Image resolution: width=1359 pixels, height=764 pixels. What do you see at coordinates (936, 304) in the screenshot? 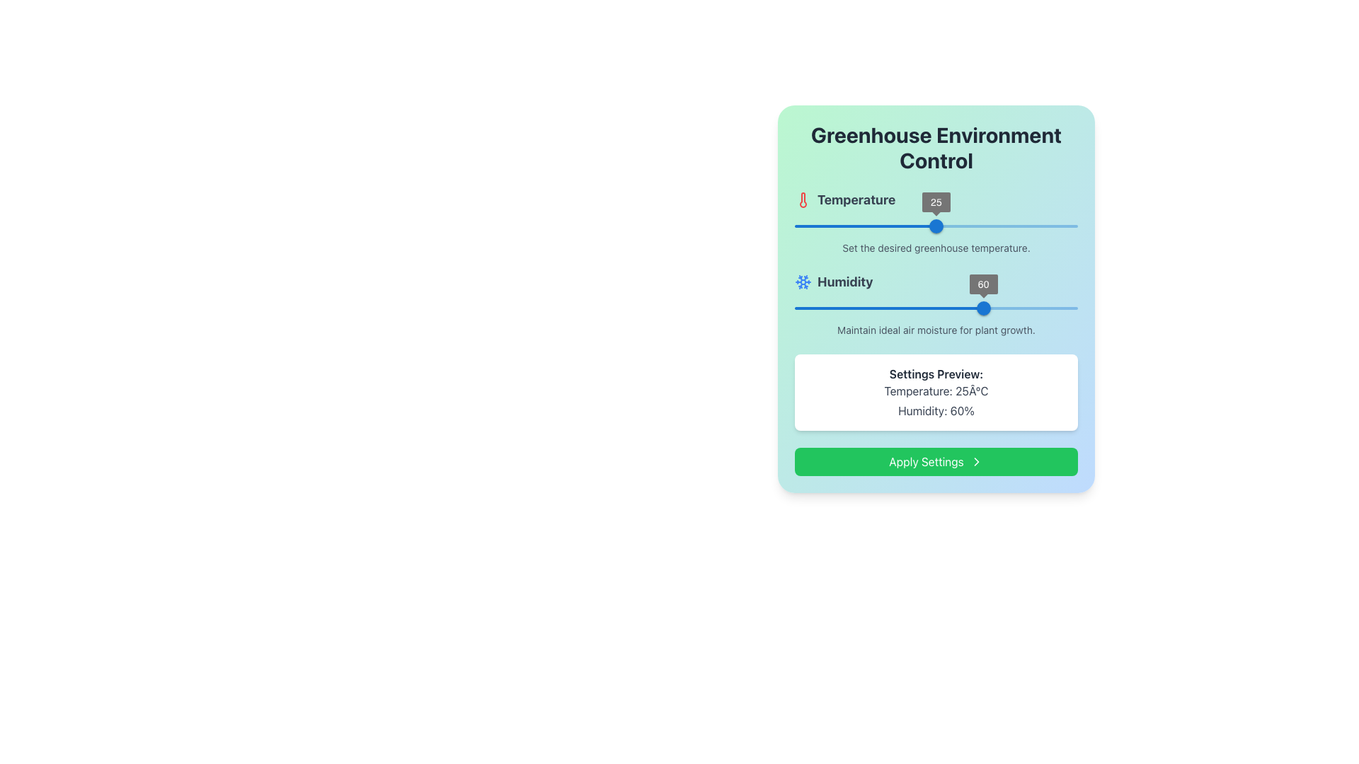
I see `the humidity control widget labeled 'Humidity' with a blue snowflake icon` at bounding box center [936, 304].